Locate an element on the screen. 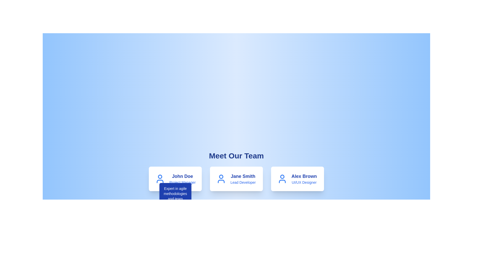  the title text 'Meet Our Team', which is a large, bold, dark blue header against a light blue gradient background, positioned at the top of the content area above team member profiles is located at coordinates (236, 155).